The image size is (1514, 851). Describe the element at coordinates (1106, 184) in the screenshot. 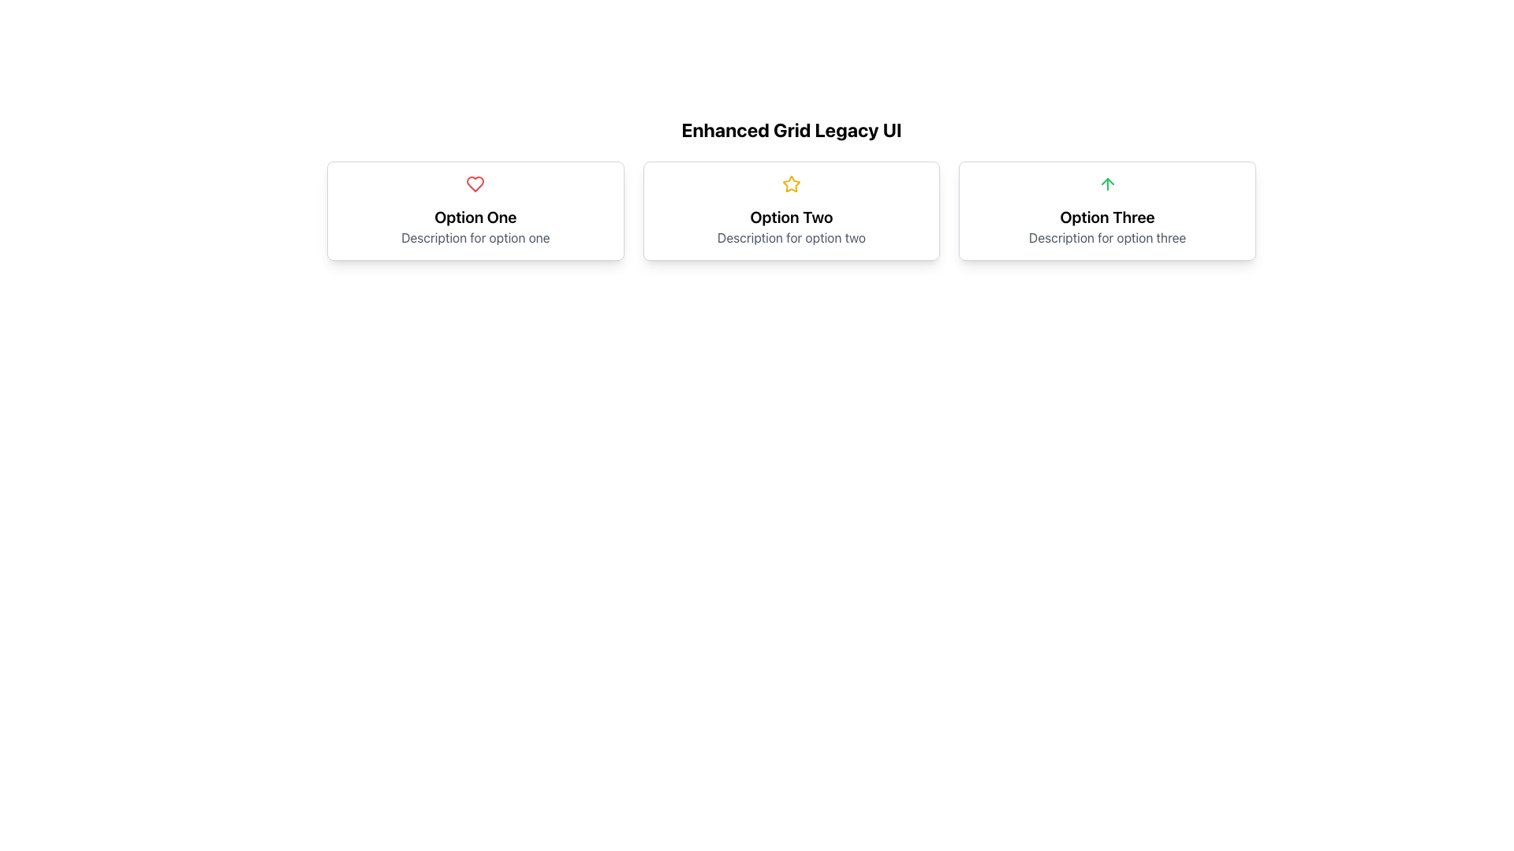

I see `the upward arrow icon located in the right-most card above the title 'Option Three'` at that location.